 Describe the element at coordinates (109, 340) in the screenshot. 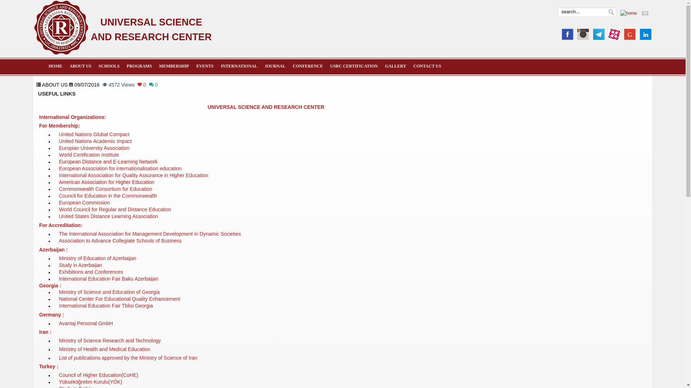

I see `'Ministry of Science Research and Technology'` at that location.